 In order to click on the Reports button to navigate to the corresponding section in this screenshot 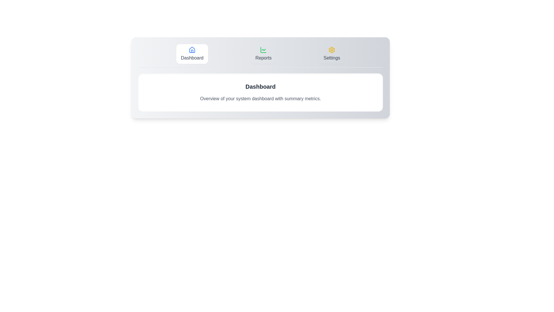, I will do `click(263, 54)`.